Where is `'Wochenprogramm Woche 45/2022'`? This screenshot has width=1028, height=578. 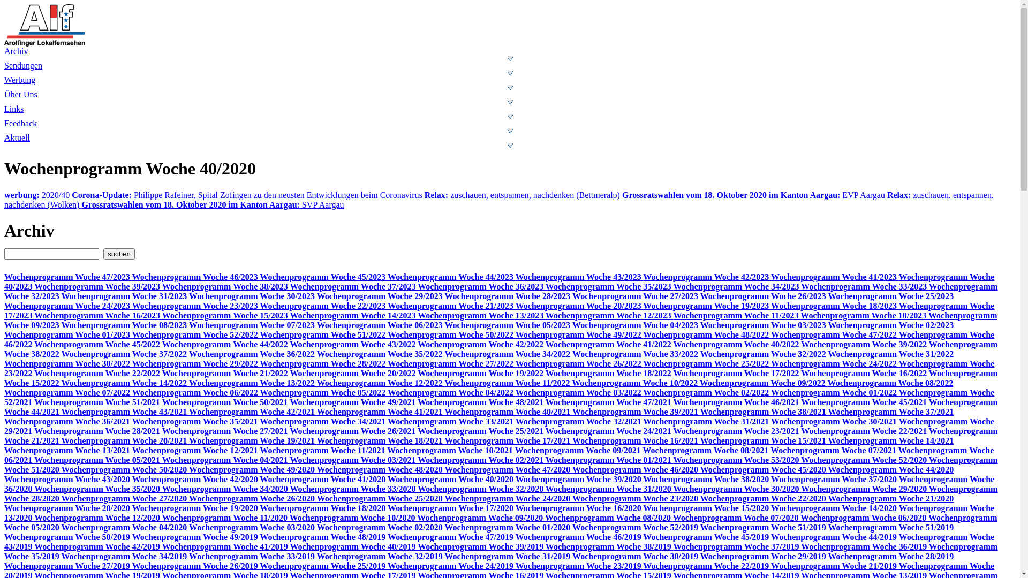
'Wochenprogramm Woche 45/2022' is located at coordinates (98, 344).